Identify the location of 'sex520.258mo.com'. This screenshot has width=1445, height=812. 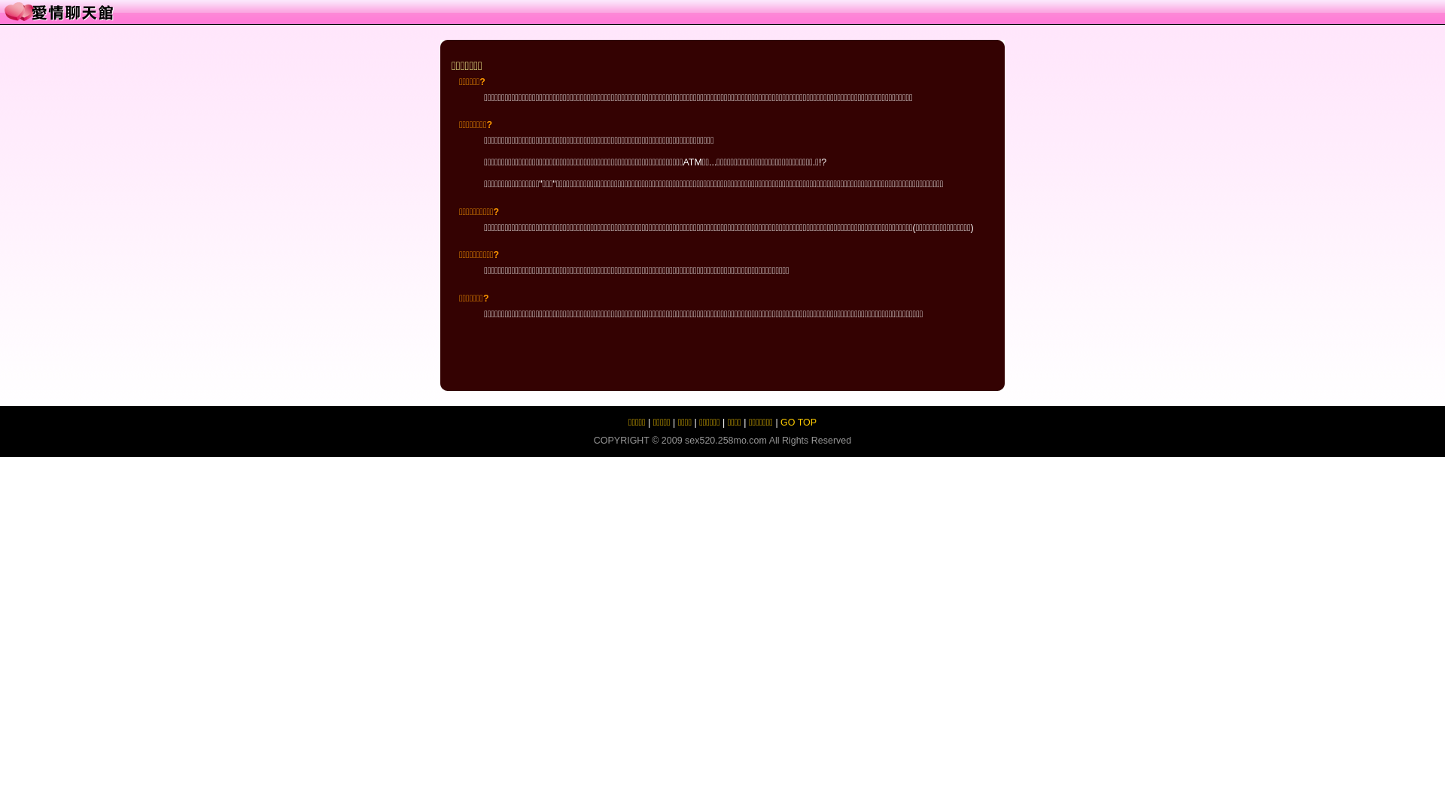
(684, 440).